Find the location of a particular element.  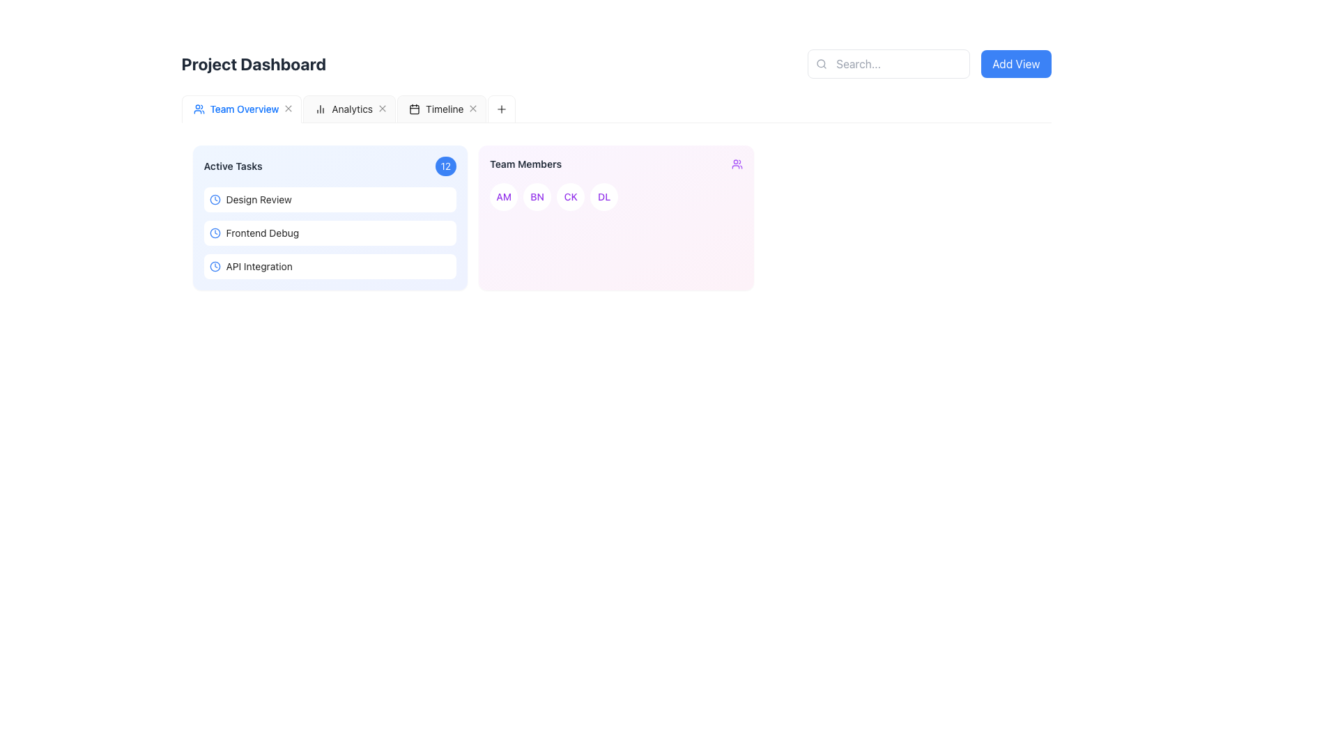

the circular SVG graphical element that is part of the clock icon located in the 'Active Tasks' section, adjacent to 'Frontend Debug' and 'API Integration' is located at coordinates (214, 199).